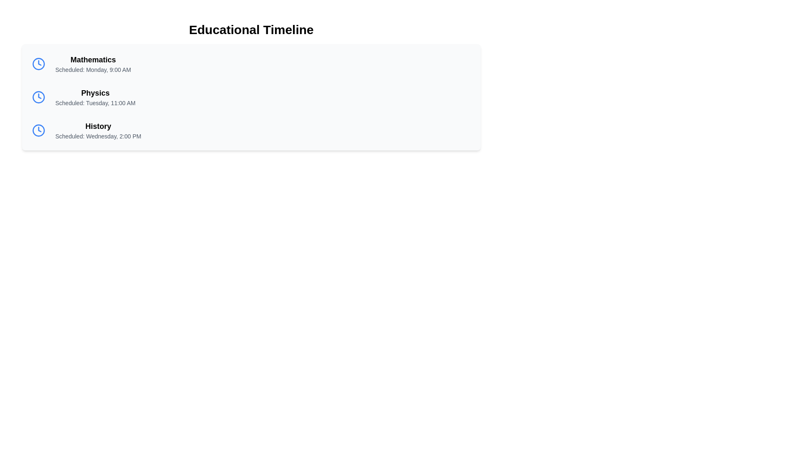 This screenshot has width=799, height=449. What do you see at coordinates (98, 136) in the screenshot?
I see `the static text label displaying the scheduled date and time for the 'History' subject, located directly below the 'History' header in the Educational Timeline section` at bounding box center [98, 136].